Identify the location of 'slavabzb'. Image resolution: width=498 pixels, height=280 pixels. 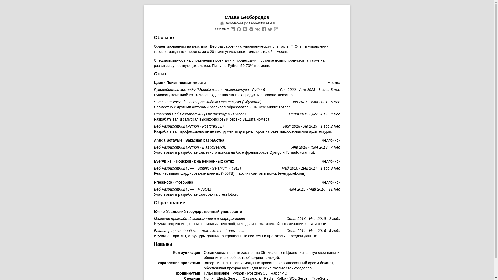
(264, 29).